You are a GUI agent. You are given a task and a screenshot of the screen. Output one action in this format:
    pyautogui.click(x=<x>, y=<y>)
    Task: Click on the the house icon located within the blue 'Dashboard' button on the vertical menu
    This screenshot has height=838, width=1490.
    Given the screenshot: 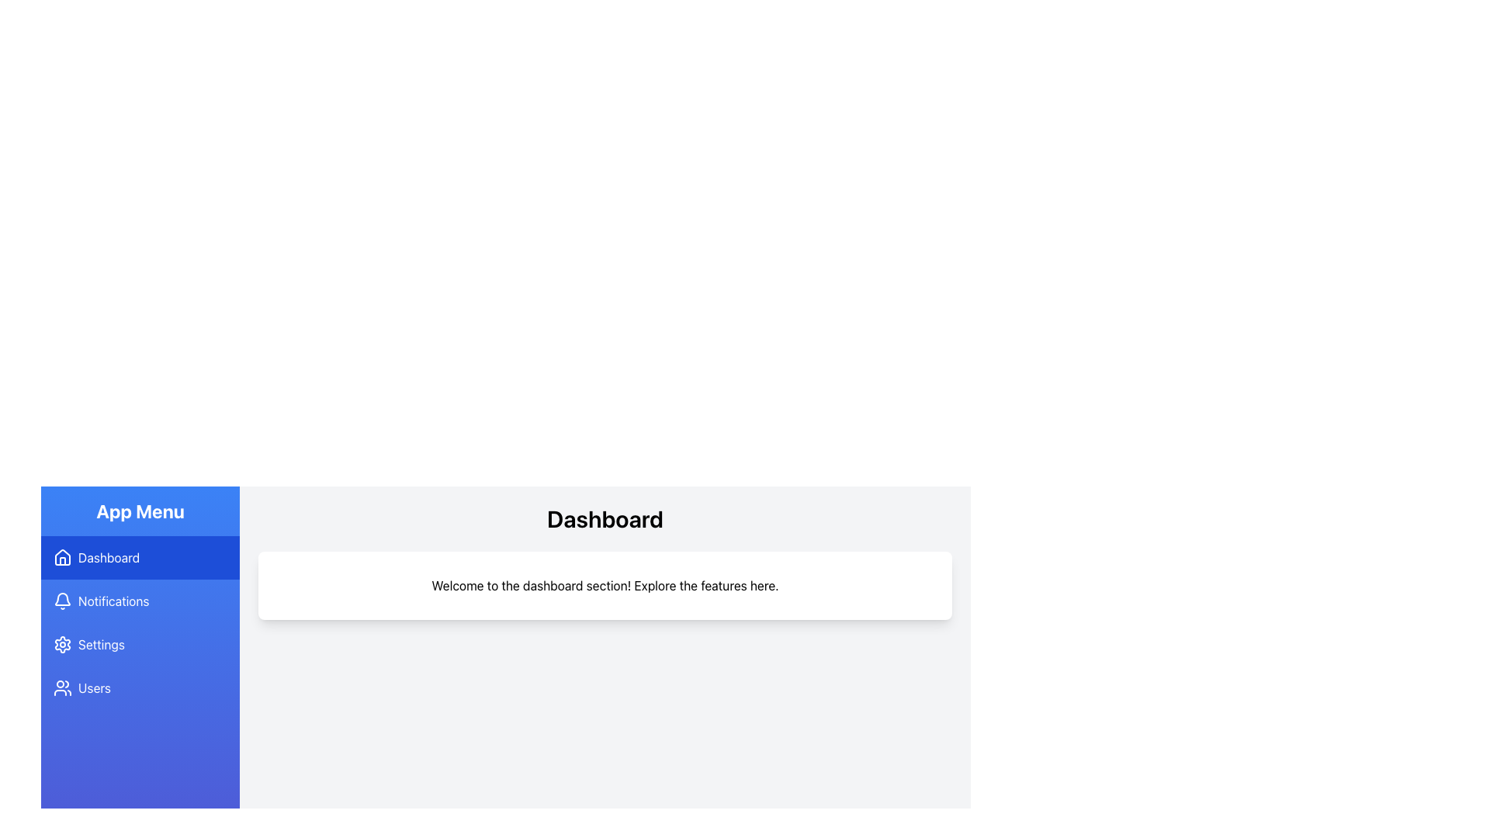 What is the action you would take?
    pyautogui.click(x=62, y=556)
    